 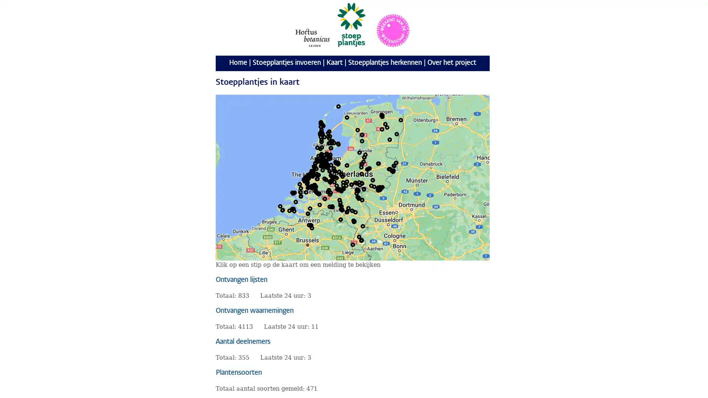 What do you see at coordinates (312, 174) in the screenshot?
I see `Telling van Esther Kerkhove op 21 maart 2022` at bounding box center [312, 174].